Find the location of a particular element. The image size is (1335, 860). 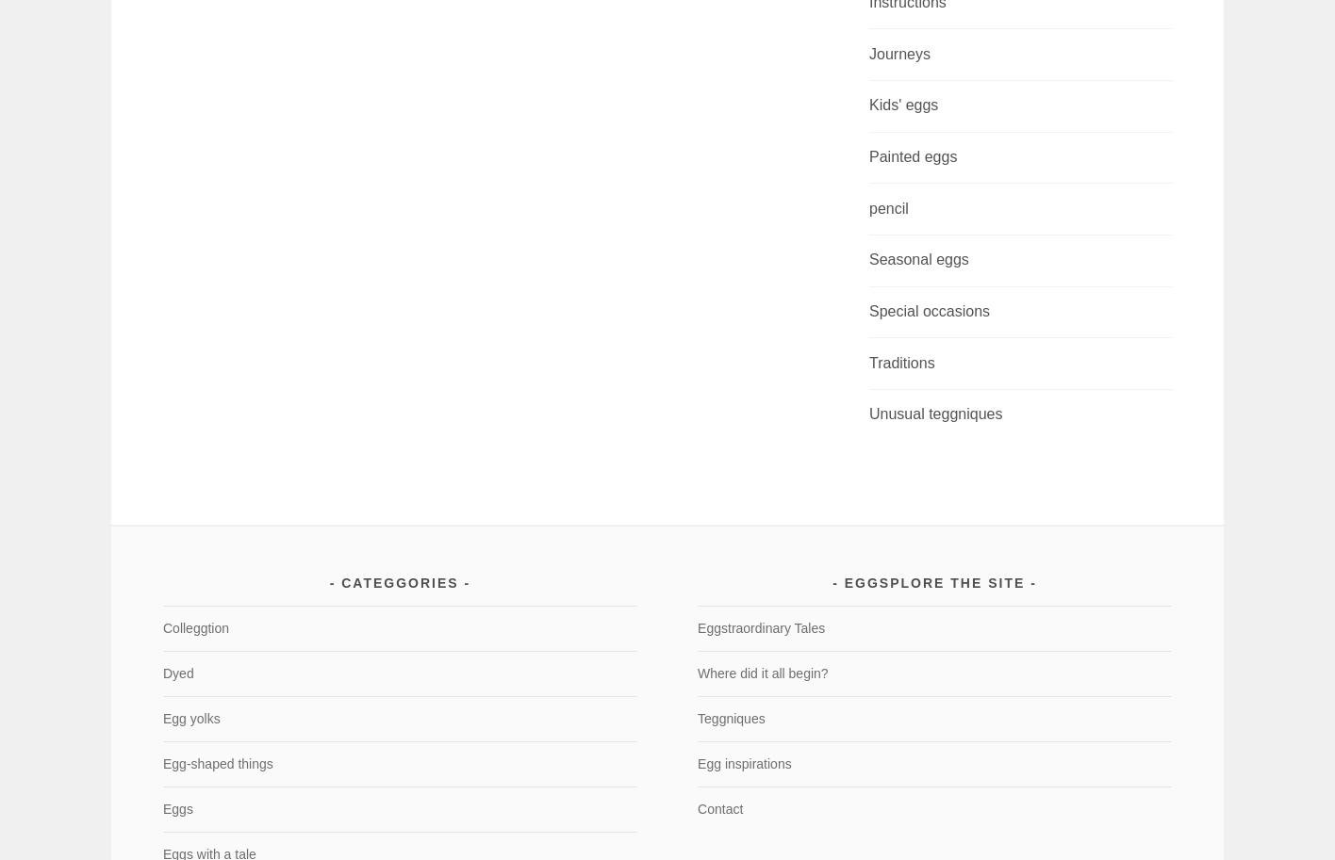

'Where did it all begin?' is located at coordinates (761, 671).